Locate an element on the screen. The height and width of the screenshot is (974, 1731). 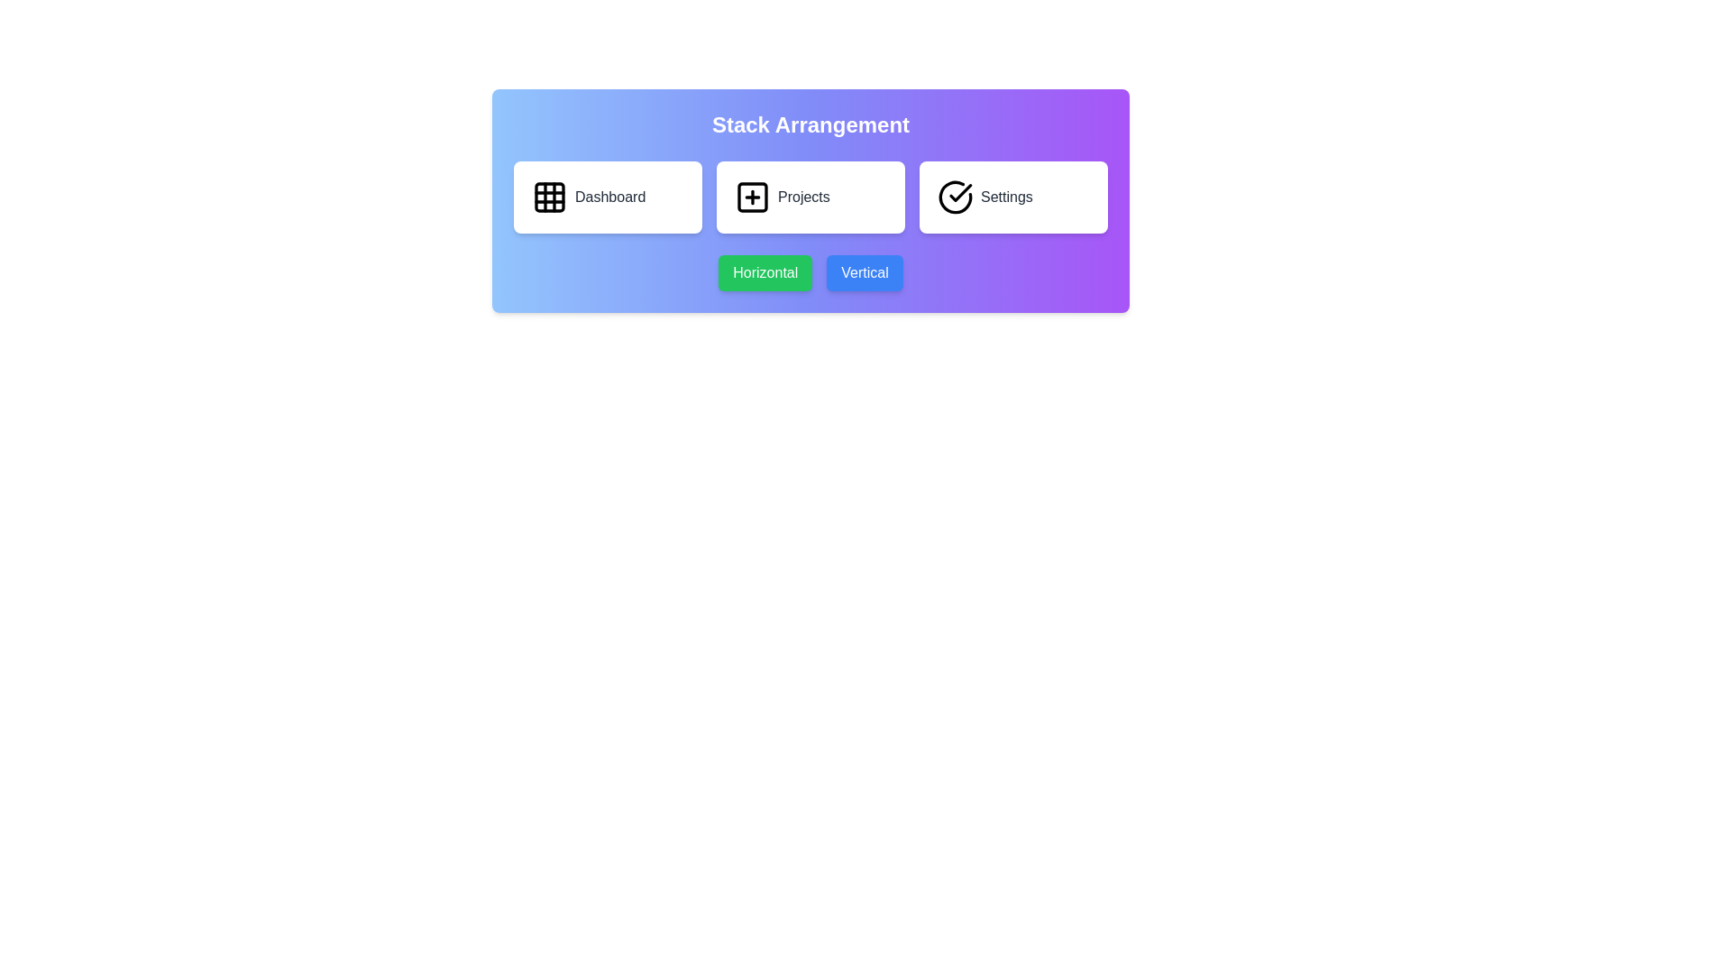
the 'Horizontal' button located below the 'Projects' button to observe the hover effect is located at coordinates (810, 253).